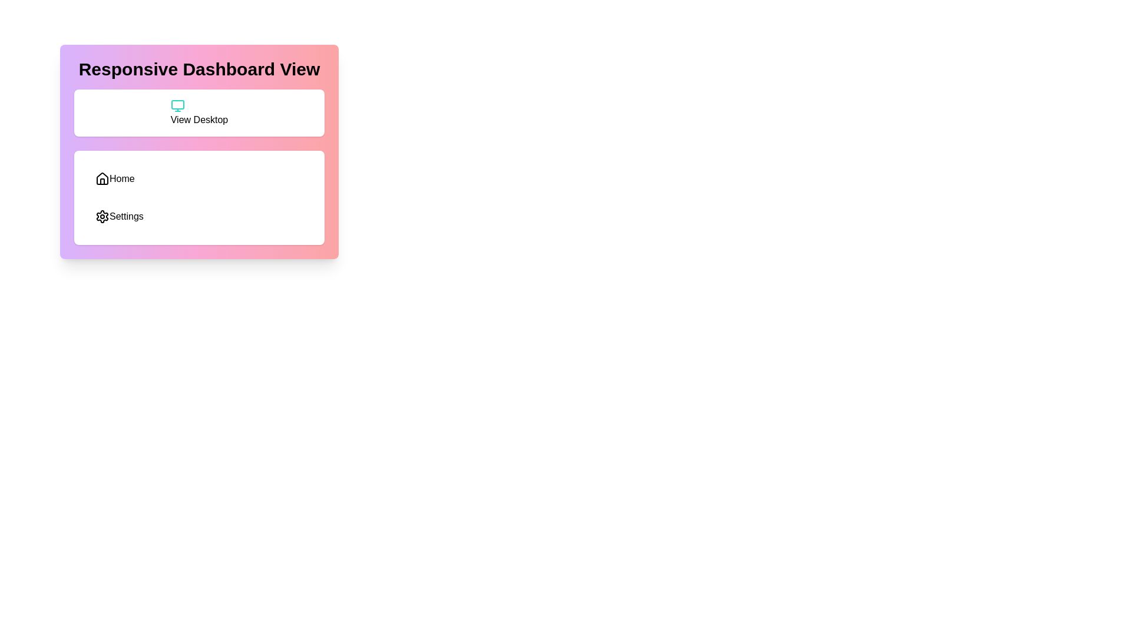 The height and width of the screenshot is (636, 1131). Describe the element at coordinates (102, 181) in the screenshot. I see `the rectangular house base icon component located to the left of the 'Home' label in the dashboard interface` at that location.